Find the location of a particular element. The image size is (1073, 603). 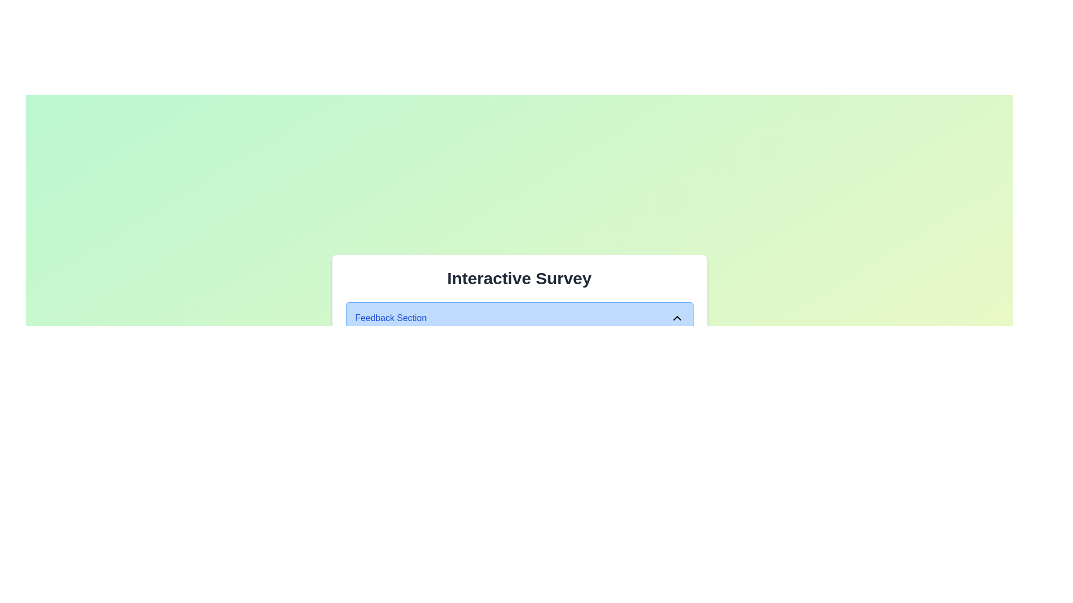

the chevron icon at the top-right corner of the 'Feedback Section' is located at coordinates (676, 318).